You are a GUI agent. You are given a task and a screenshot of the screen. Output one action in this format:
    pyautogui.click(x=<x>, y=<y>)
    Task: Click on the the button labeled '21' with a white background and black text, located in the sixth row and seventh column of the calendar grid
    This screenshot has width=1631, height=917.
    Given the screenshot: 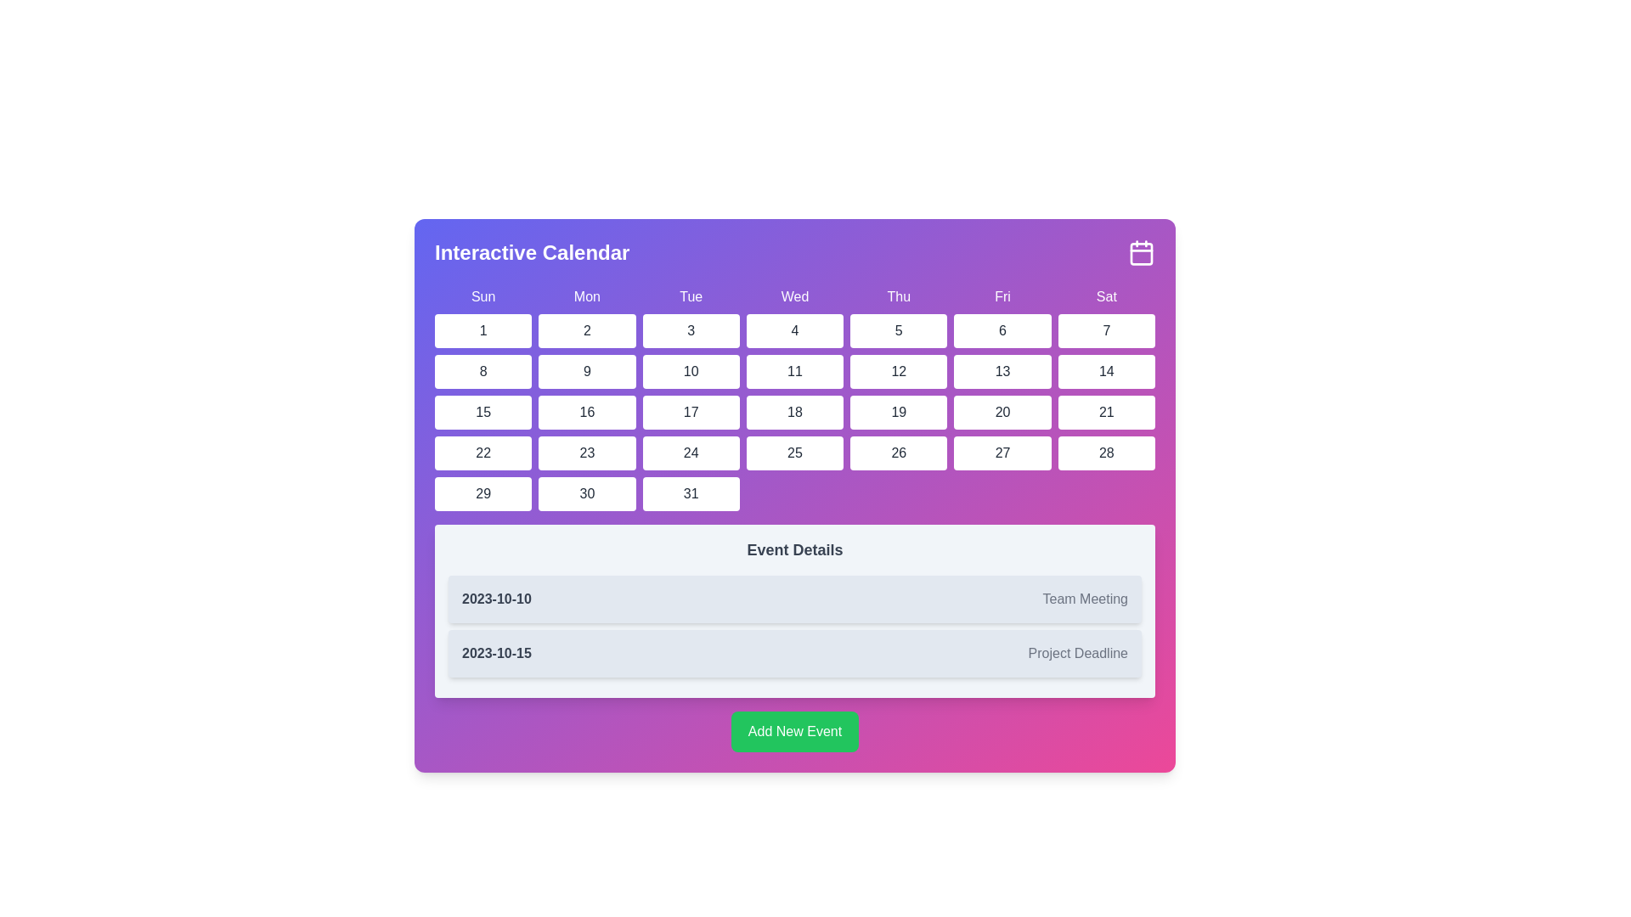 What is the action you would take?
    pyautogui.click(x=1106, y=413)
    